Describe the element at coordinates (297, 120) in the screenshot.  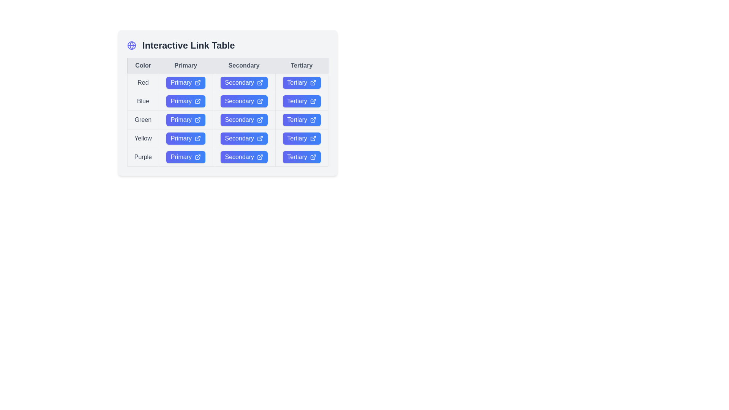
I see `label 'Tertiary', which is displayed in bold white font on a gradient blue background inside the button of the 'Green' row and 'Tertiary' column in the table` at that location.